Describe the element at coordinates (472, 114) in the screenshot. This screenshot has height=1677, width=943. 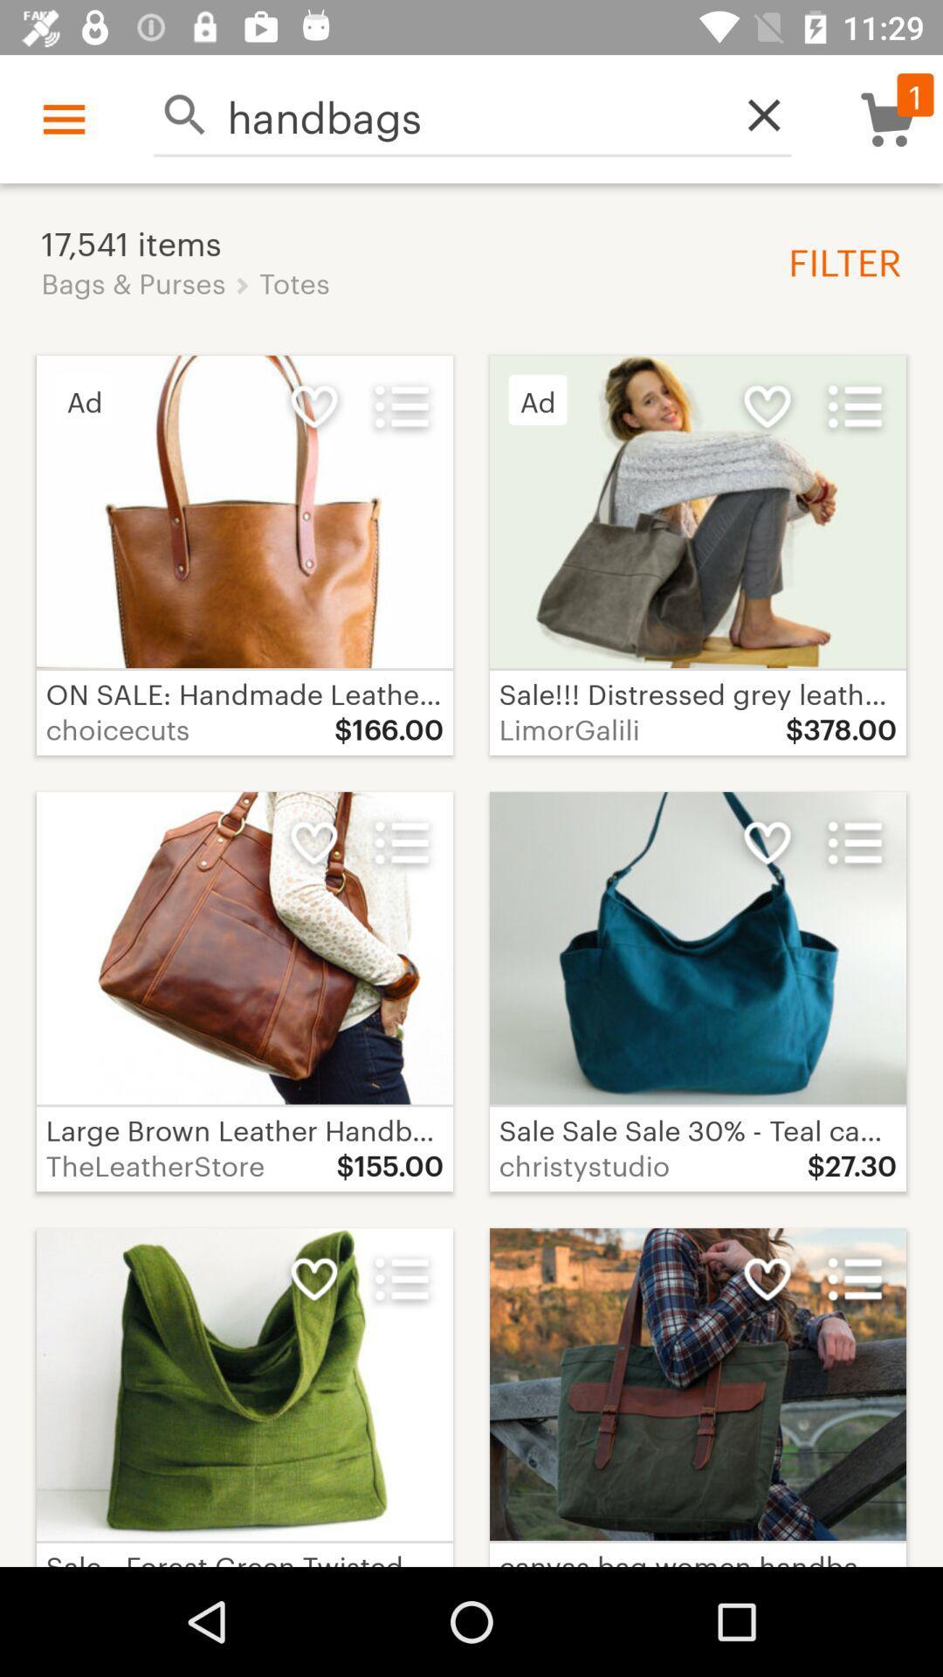
I see `handbags item` at that location.